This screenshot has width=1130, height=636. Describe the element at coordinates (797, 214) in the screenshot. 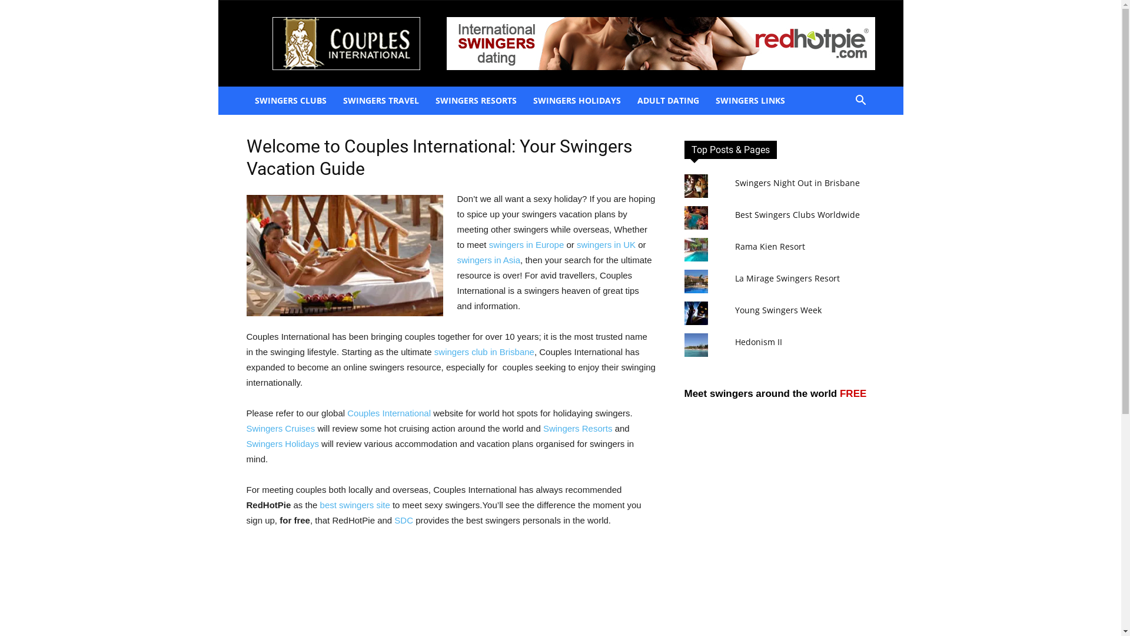

I see `'Best Swingers Clubs Worldwide'` at that location.